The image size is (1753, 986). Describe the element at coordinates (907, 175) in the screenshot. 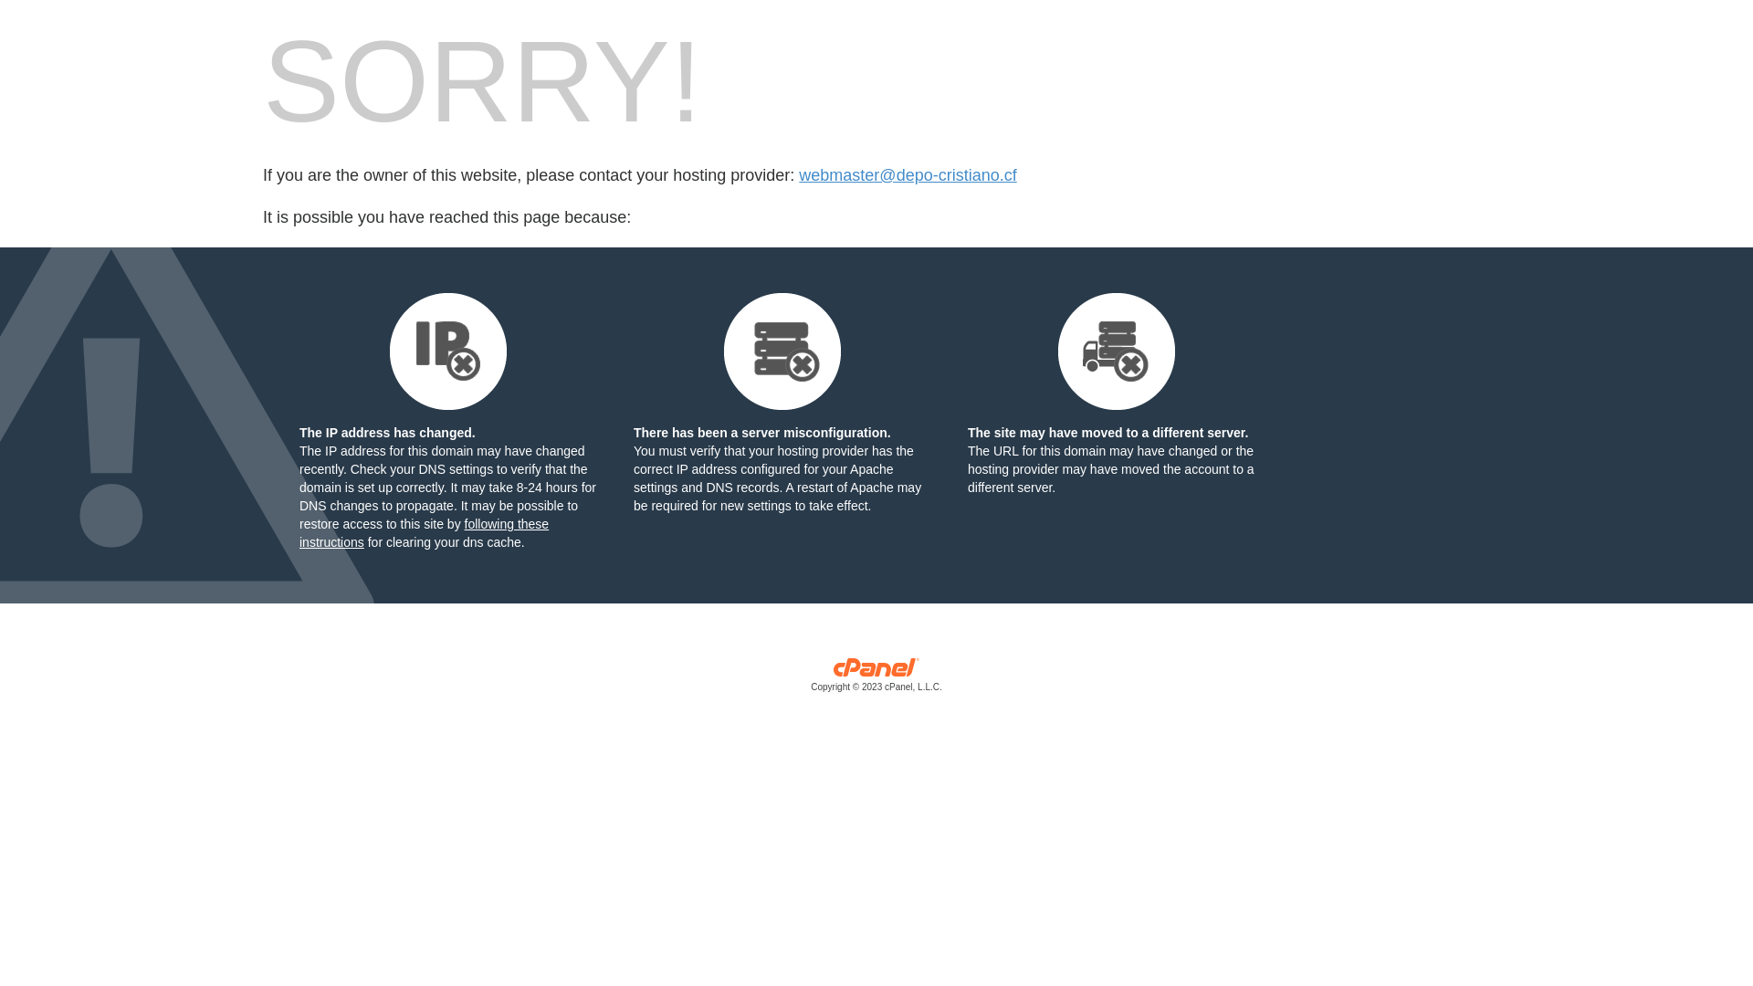

I see `'webmaster@depo-cristiano.cf'` at that location.